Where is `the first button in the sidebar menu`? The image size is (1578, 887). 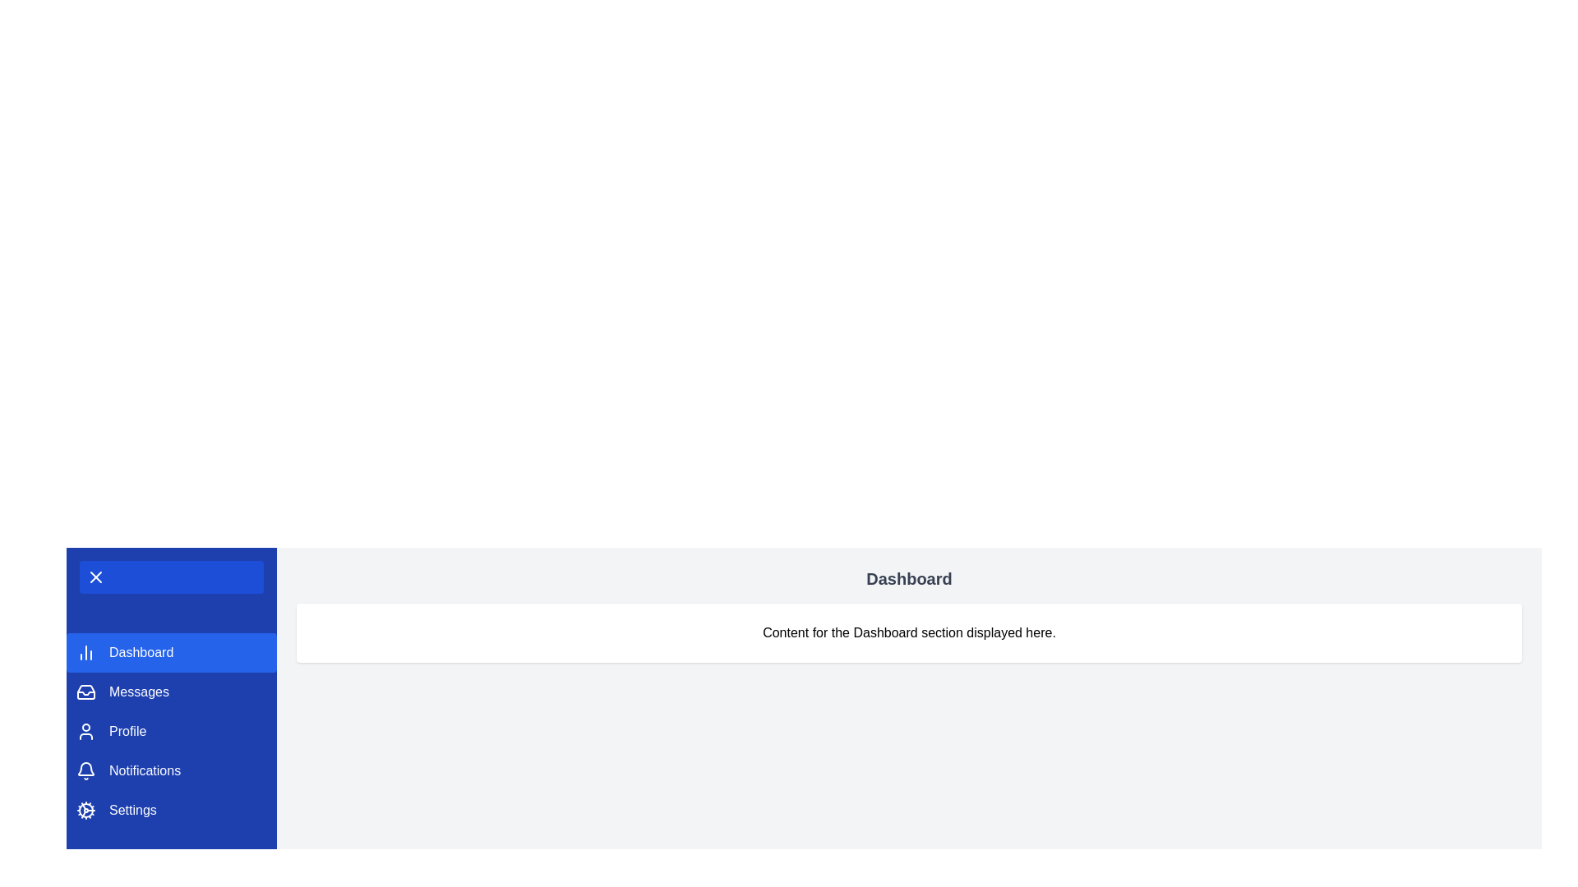
the first button in the sidebar menu is located at coordinates (172, 651).